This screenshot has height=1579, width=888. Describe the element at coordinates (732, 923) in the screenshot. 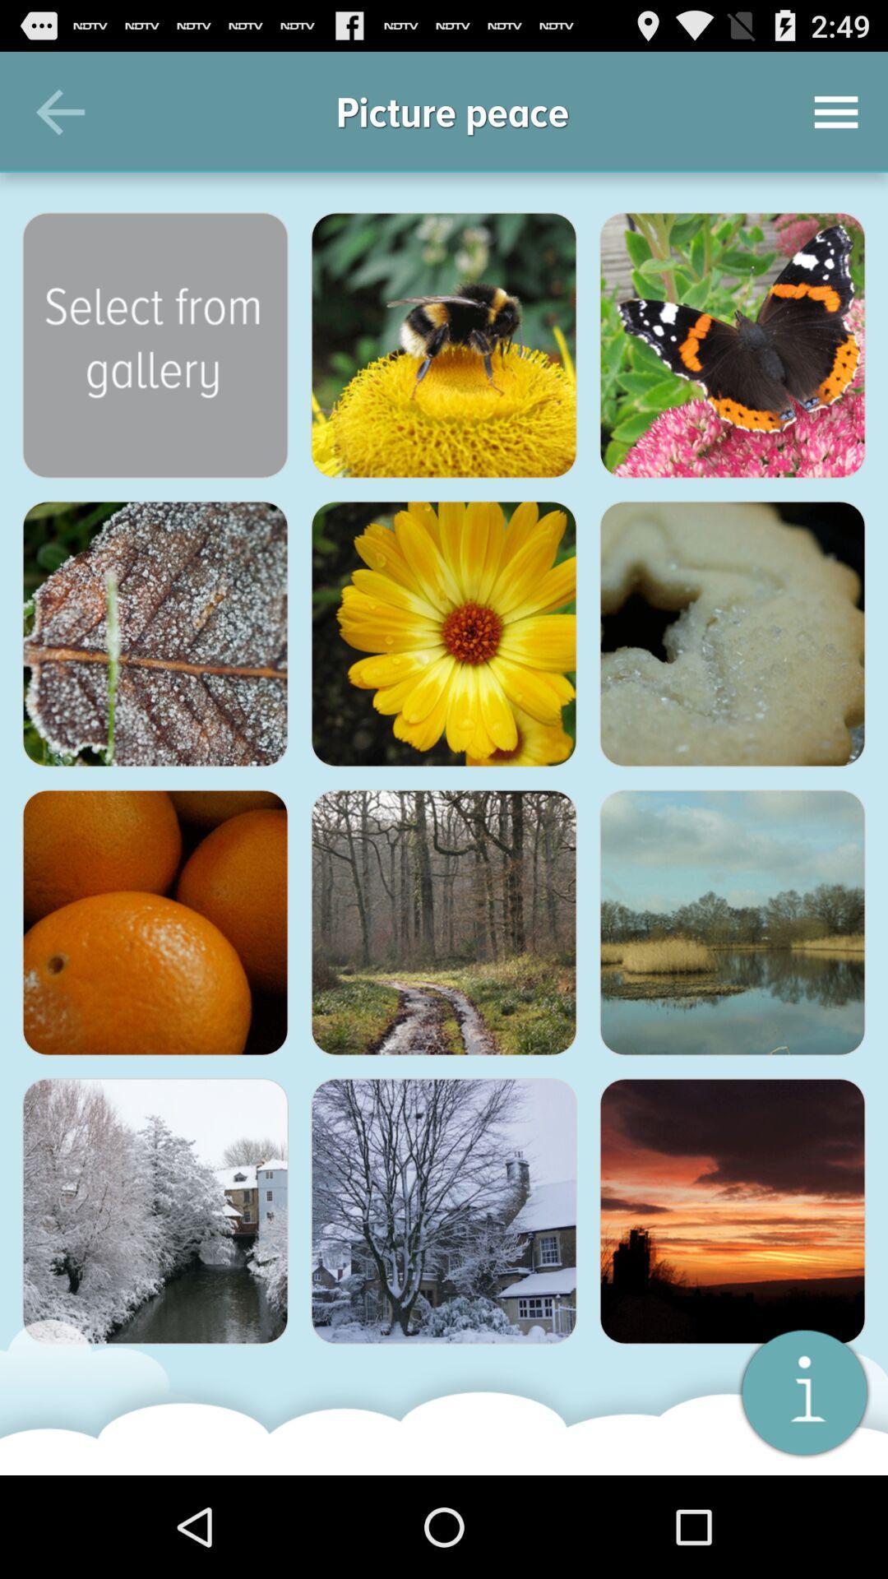

I see `to picture` at that location.